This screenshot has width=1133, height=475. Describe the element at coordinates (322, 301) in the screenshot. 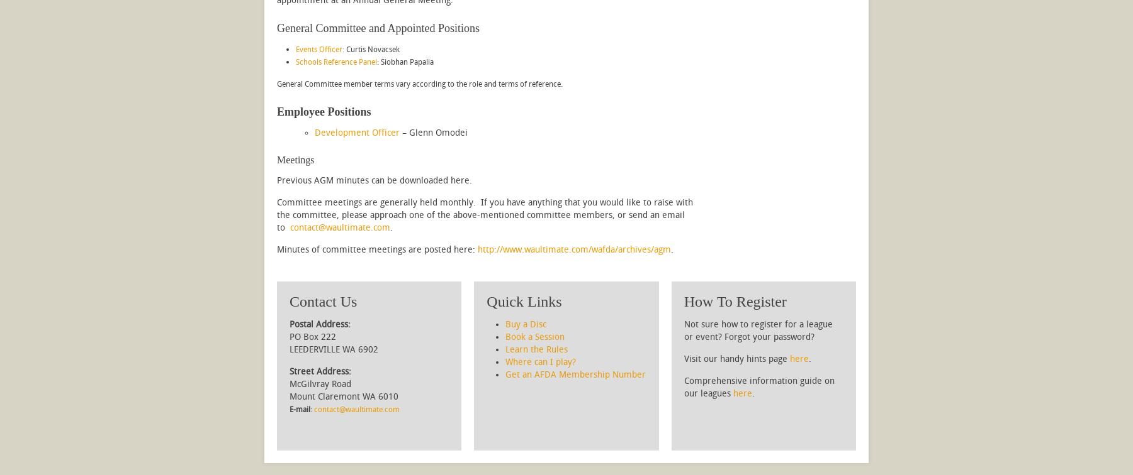

I see `'Contact Us'` at that location.